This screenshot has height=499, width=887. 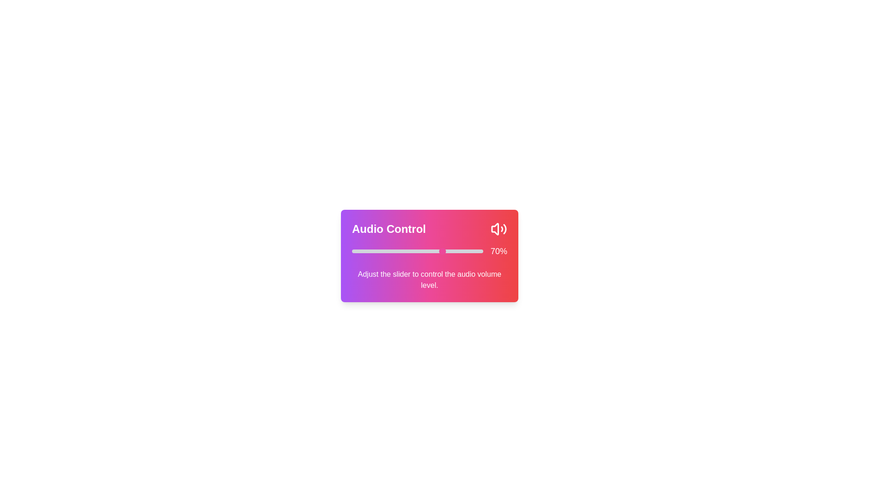 I want to click on the volume slider to set the volume to 7%, so click(x=360, y=251).